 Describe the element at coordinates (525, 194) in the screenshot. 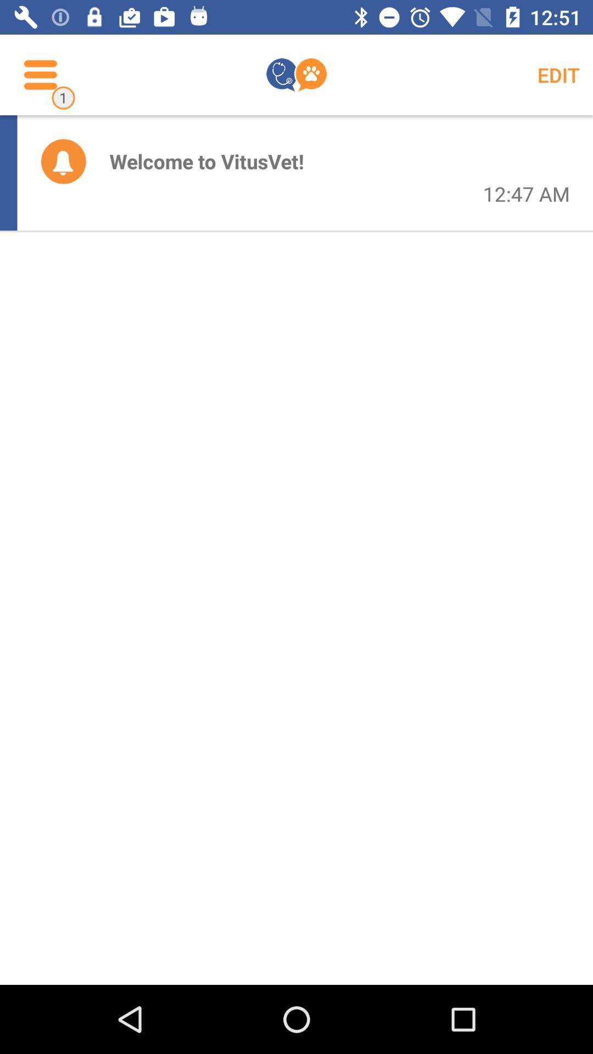

I see `the 12:47 am icon` at that location.